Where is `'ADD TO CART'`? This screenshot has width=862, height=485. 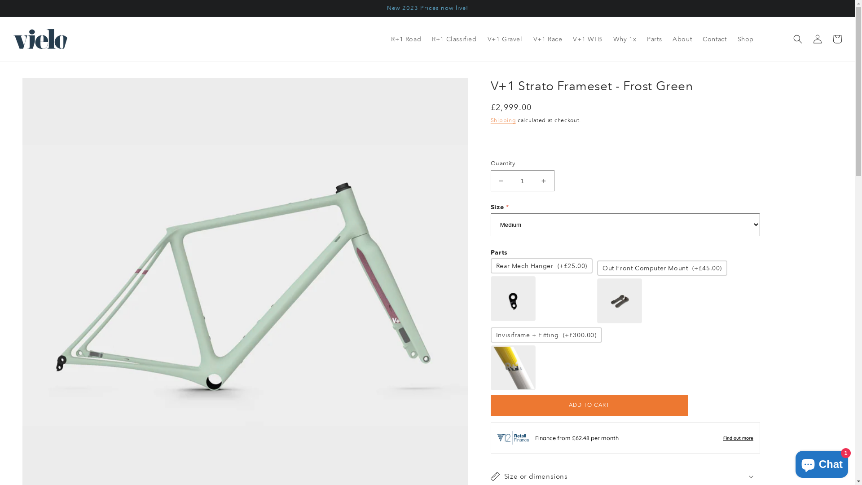
'ADD TO CART' is located at coordinates (589, 405).